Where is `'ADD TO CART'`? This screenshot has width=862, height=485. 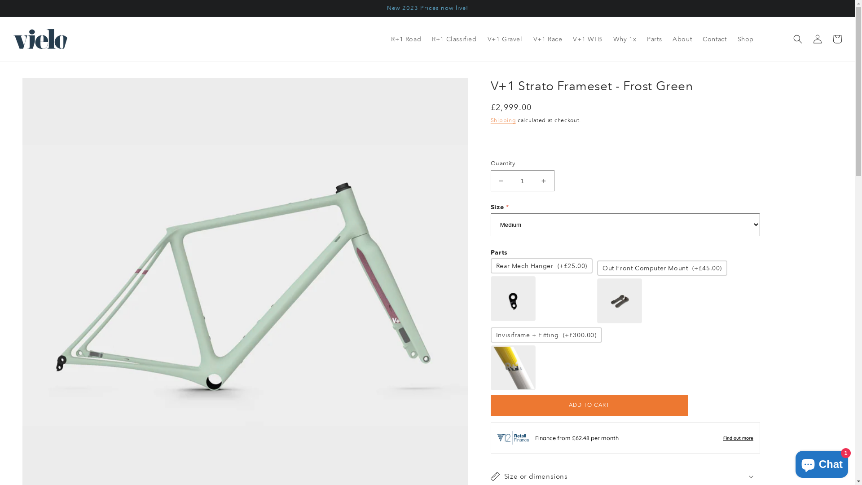
'ADD TO CART' is located at coordinates (589, 405).